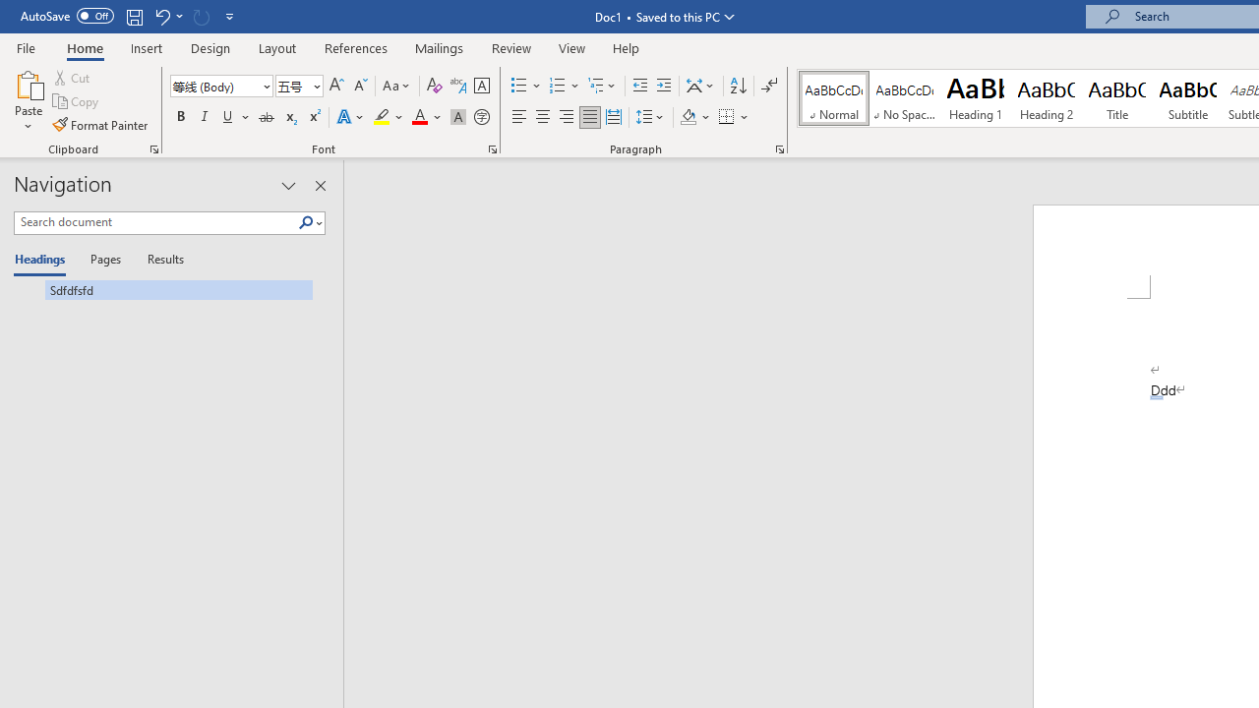 The width and height of the screenshot is (1259, 708). What do you see at coordinates (493, 147) in the screenshot?
I see `'Font...'` at bounding box center [493, 147].